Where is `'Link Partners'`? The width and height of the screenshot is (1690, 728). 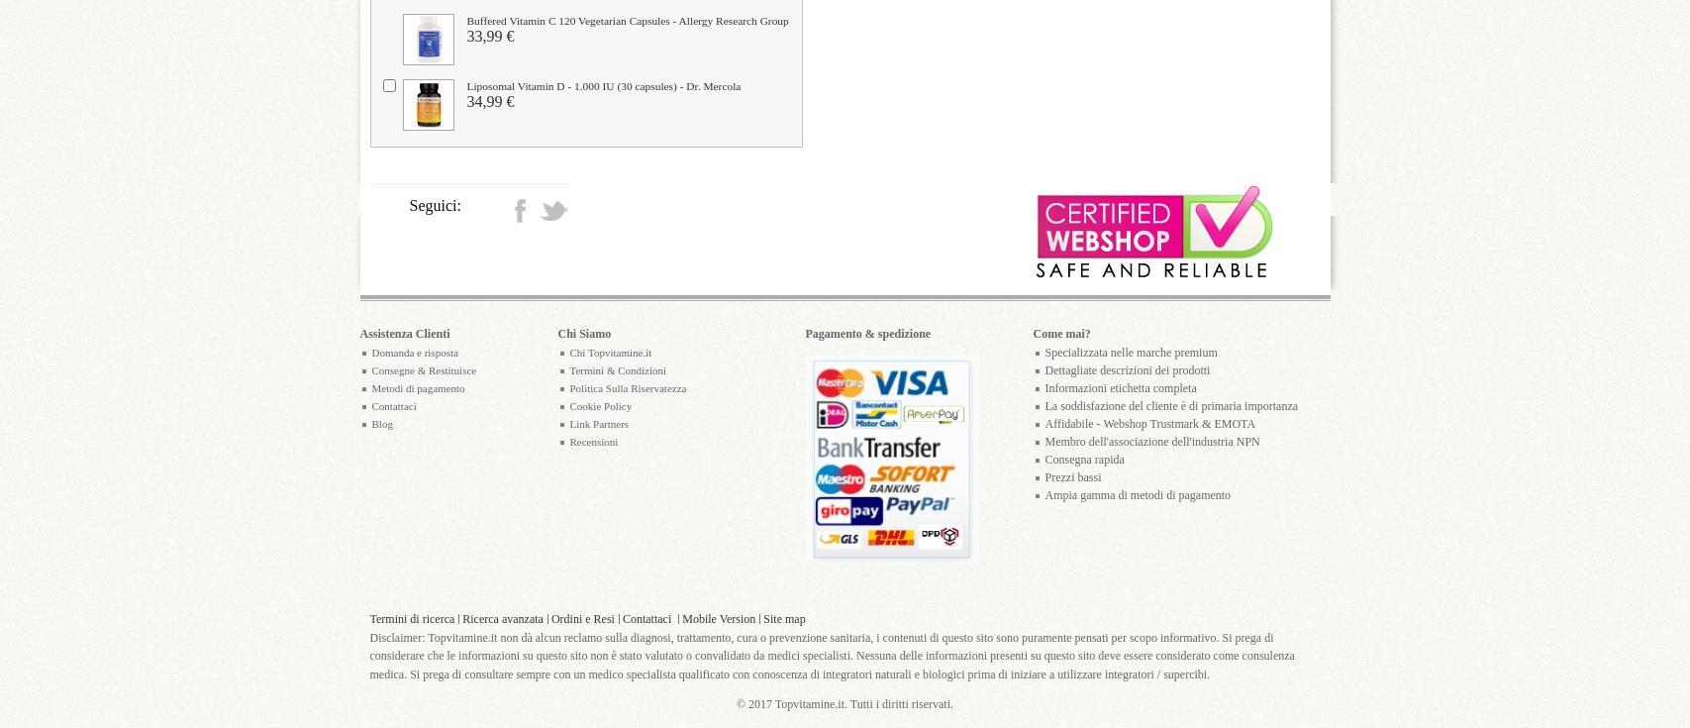 'Link Partners' is located at coordinates (598, 422).